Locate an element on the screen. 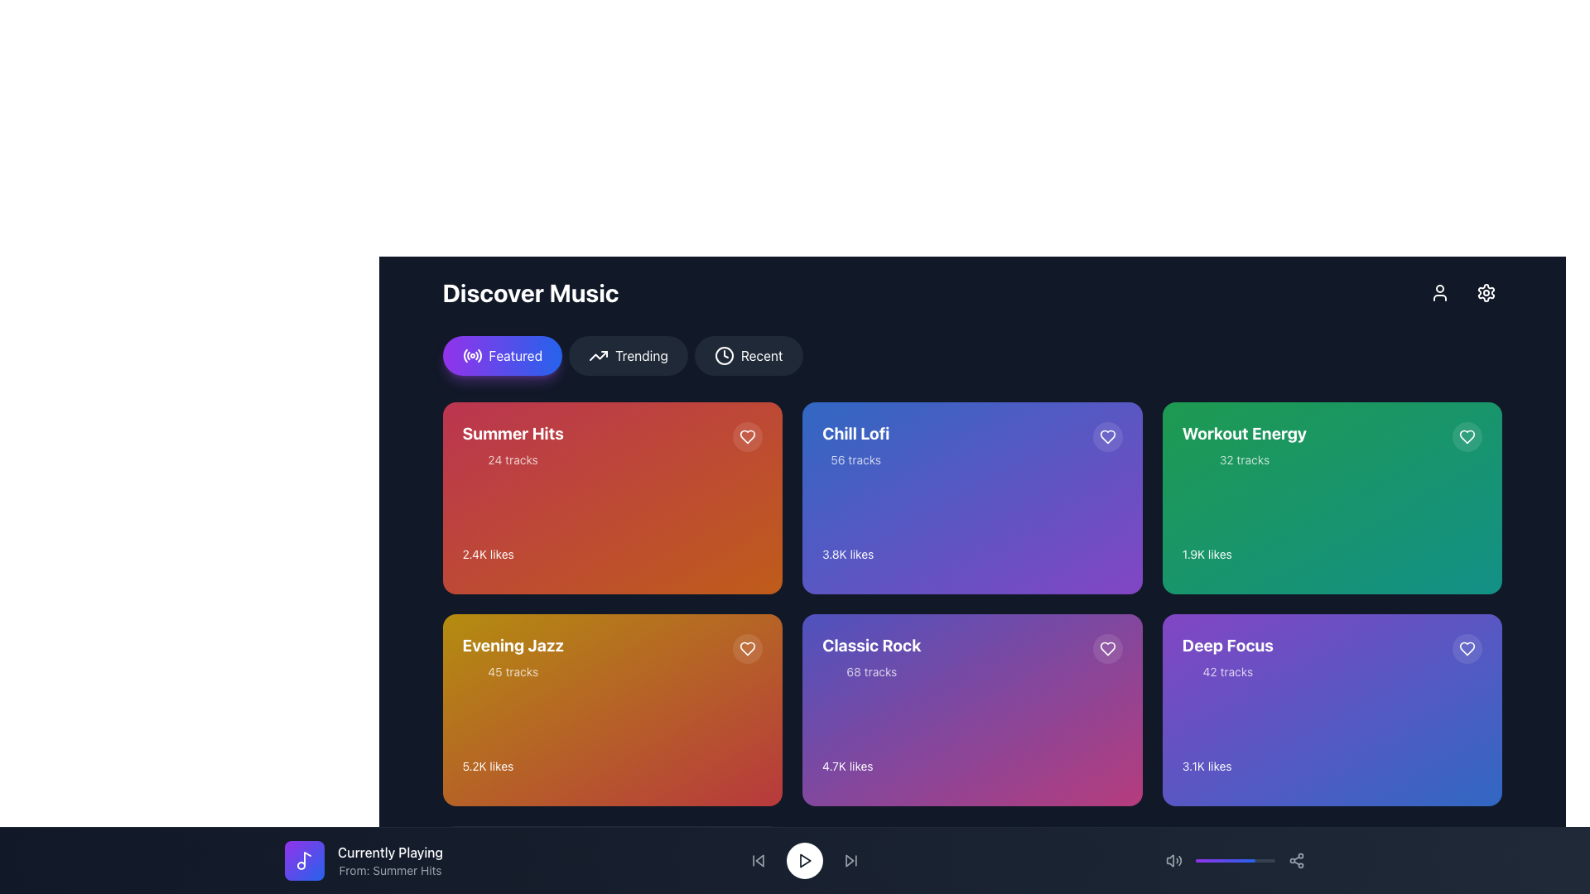 This screenshot has width=1590, height=894. the 'Featured' icon which is located at the leftmost inside the 'Featured' button near the top center of the interface is located at coordinates (471, 354).